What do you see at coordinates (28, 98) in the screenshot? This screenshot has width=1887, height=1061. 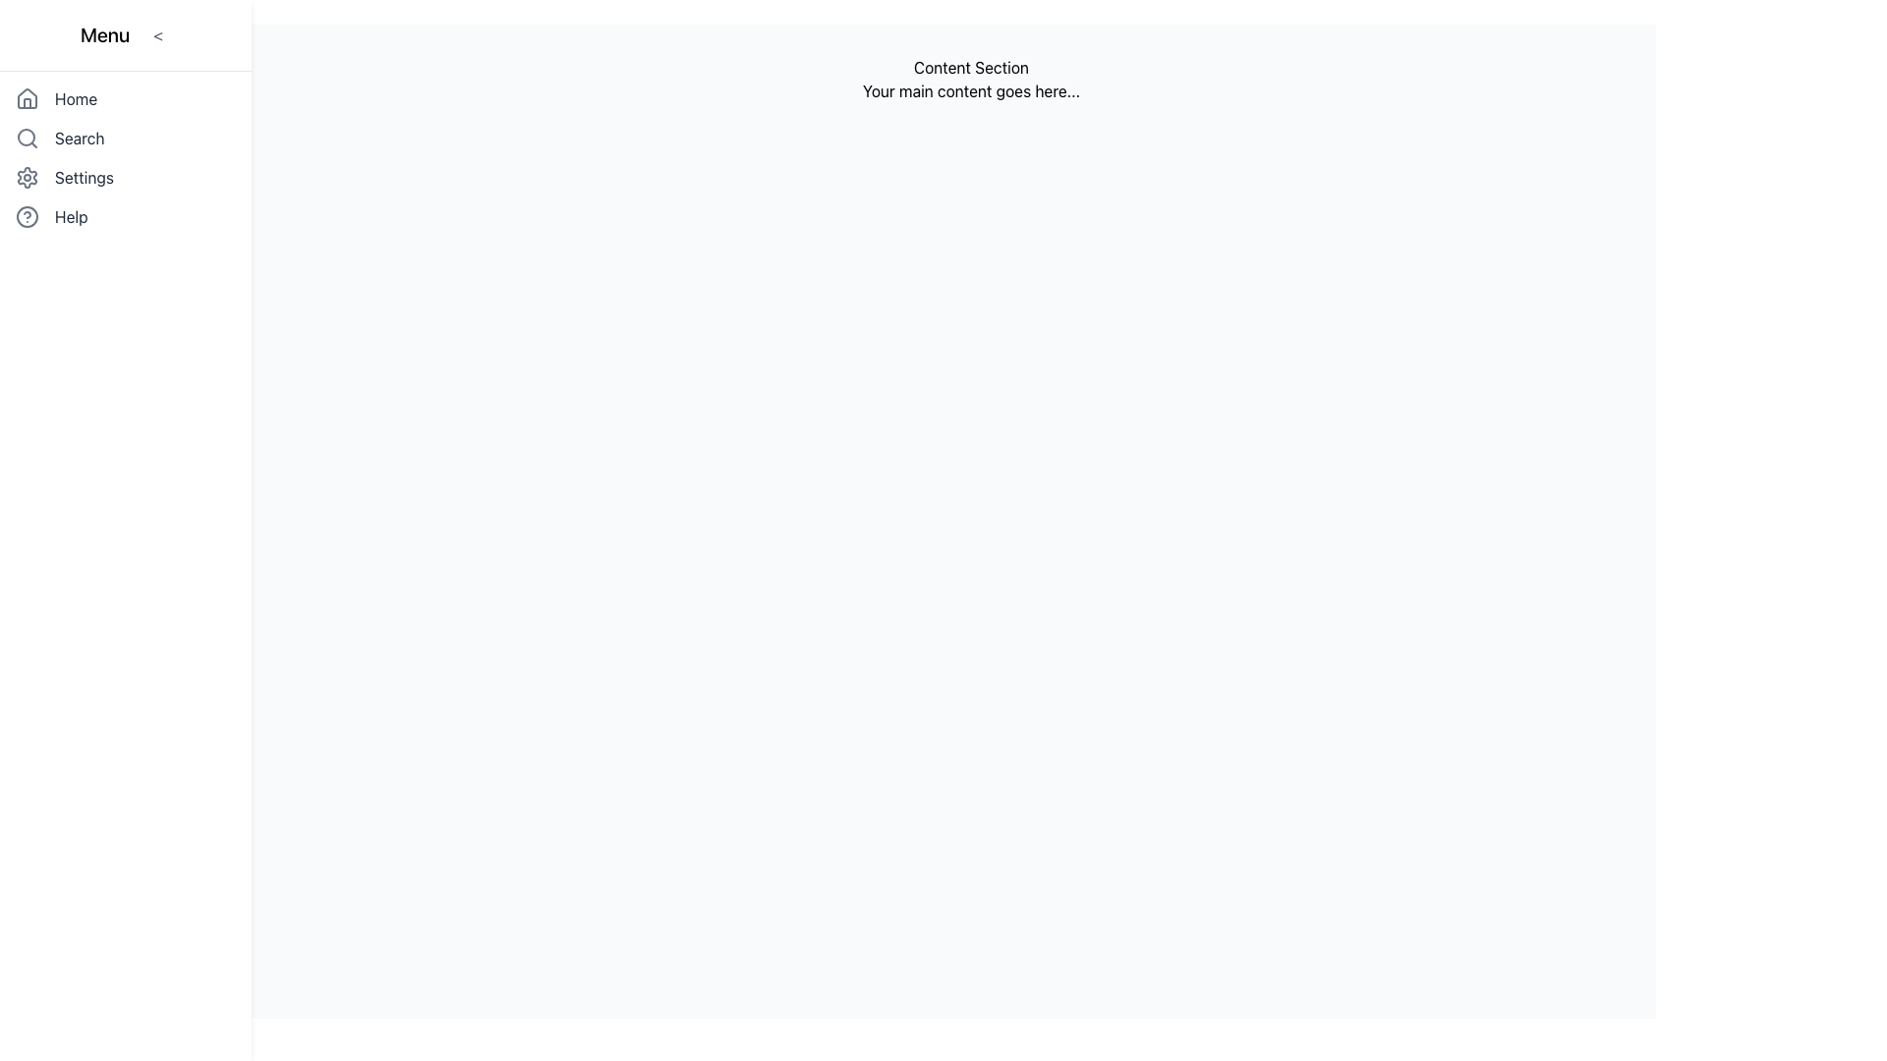 I see `the upper part of the house icon, specifically the triangular roof, in the sidebar menu` at bounding box center [28, 98].